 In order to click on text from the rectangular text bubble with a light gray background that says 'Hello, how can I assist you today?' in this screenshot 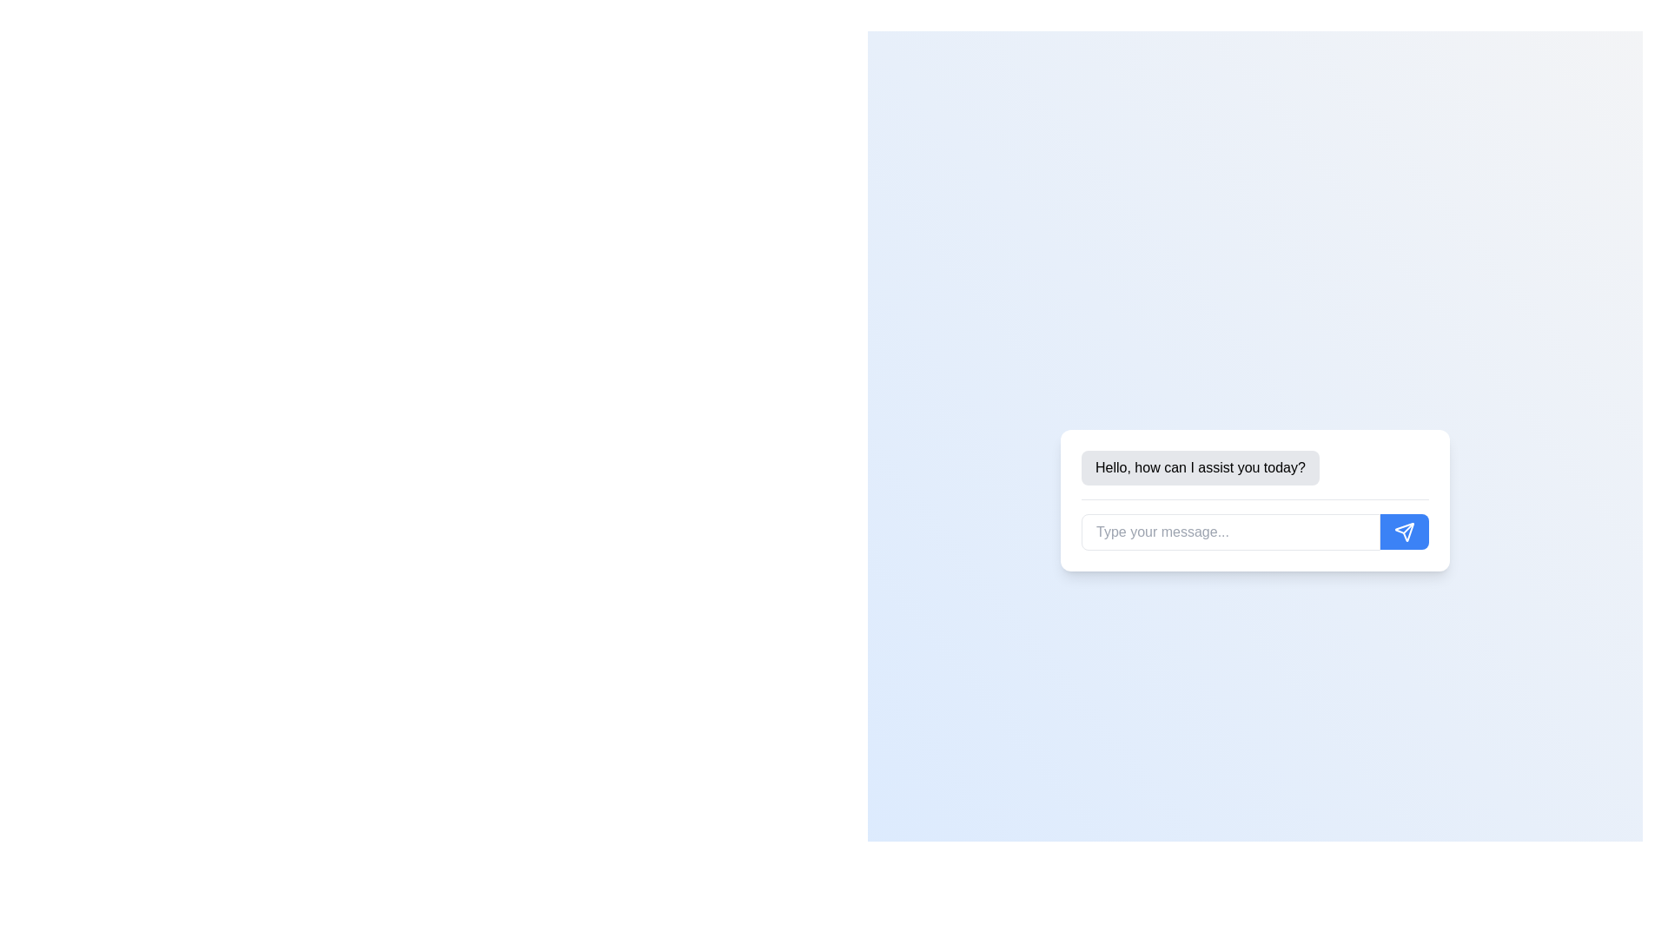, I will do `click(1200, 466)`.